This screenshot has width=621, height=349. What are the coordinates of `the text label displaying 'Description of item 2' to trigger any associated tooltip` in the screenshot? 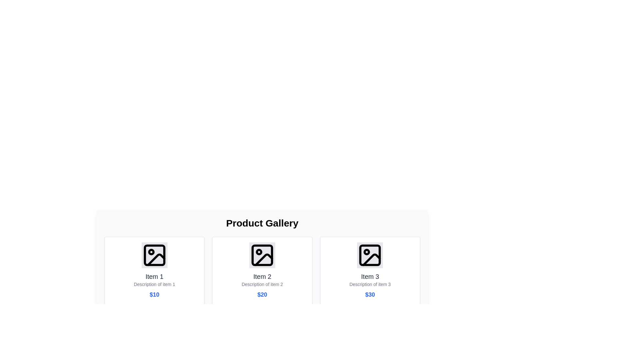 It's located at (262, 284).